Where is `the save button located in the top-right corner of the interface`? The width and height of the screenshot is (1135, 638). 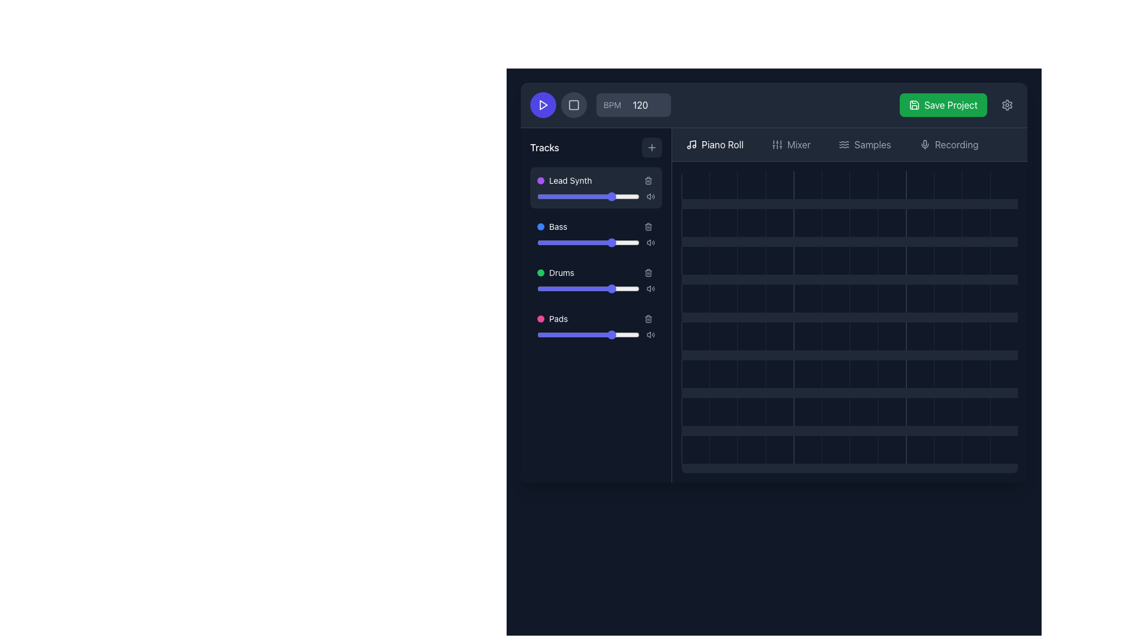 the save button located in the top-right corner of the interface is located at coordinates (942, 104).